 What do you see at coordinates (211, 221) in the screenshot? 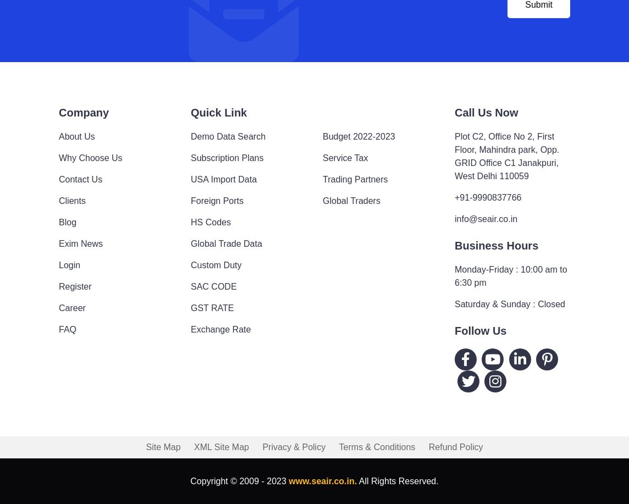
I see `'HS Codes'` at bounding box center [211, 221].